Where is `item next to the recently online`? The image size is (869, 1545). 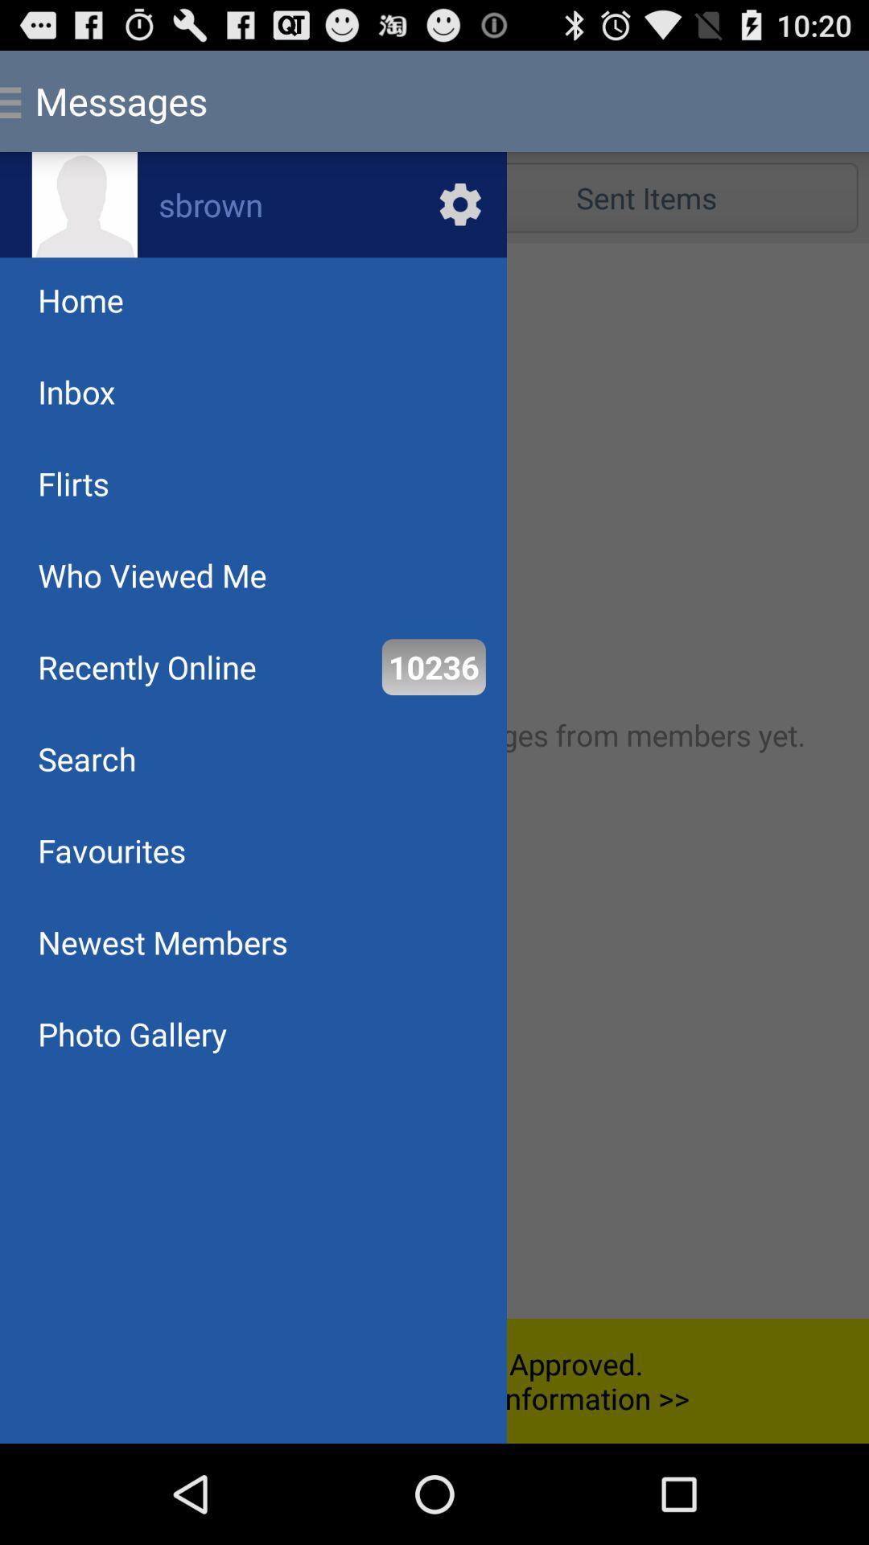 item next to the recently online is located at coordinates (433, 667).